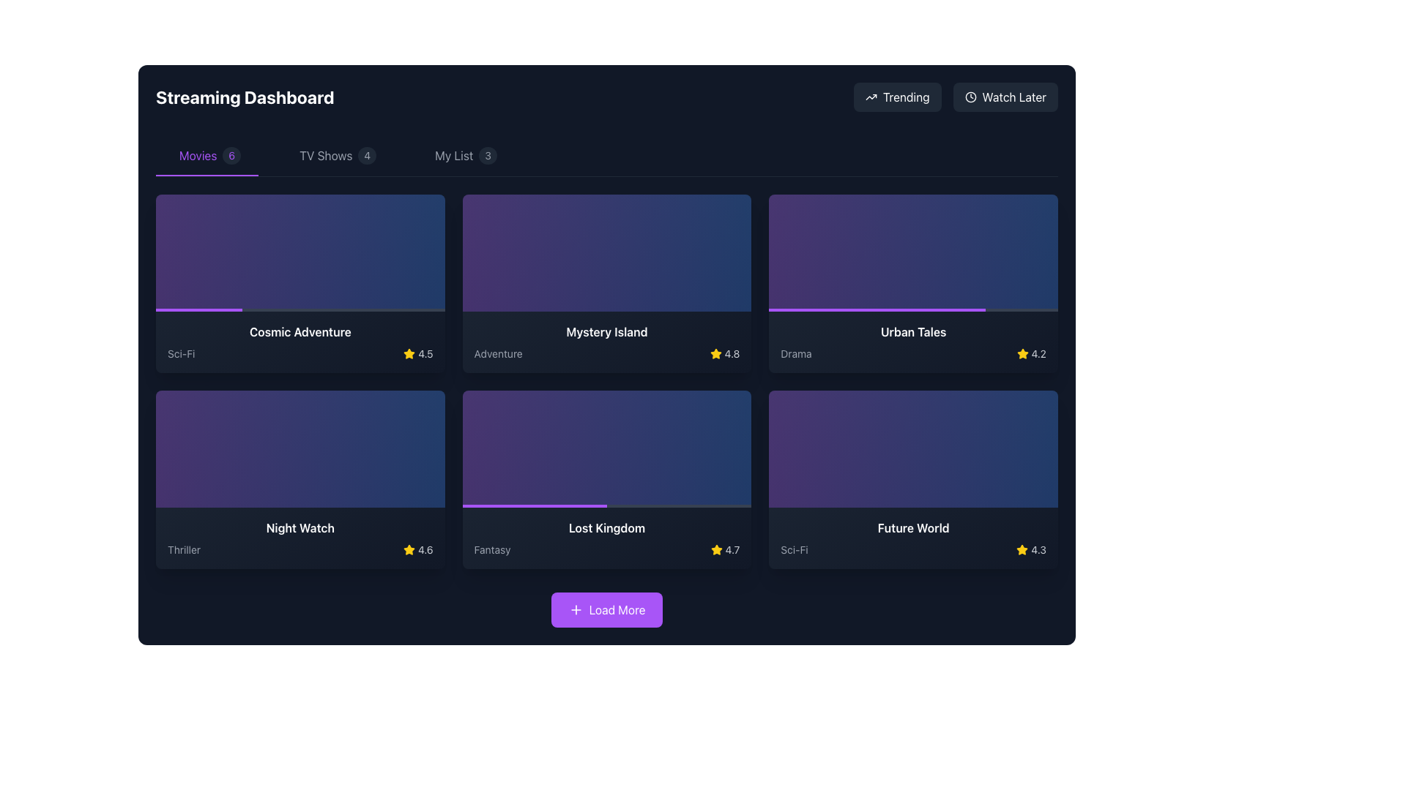 The width and height of the screenshot is (1406, 790). What do you see at coordinates (912, 353) in the screenshot?
I see `the descriptive content display that shows the genre (Drama) and rating (4.2) of the 'Urban Tales' content located at the bottom right-hand side of the card's footer` at bounding box center [912, 353].